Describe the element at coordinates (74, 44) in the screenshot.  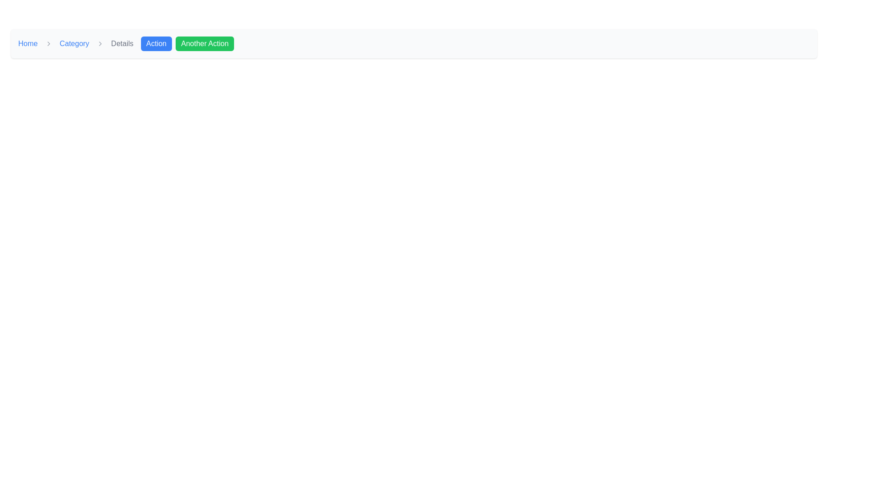
I see `the 'Category' text link in the breadcrumb navigation bar` at that location.